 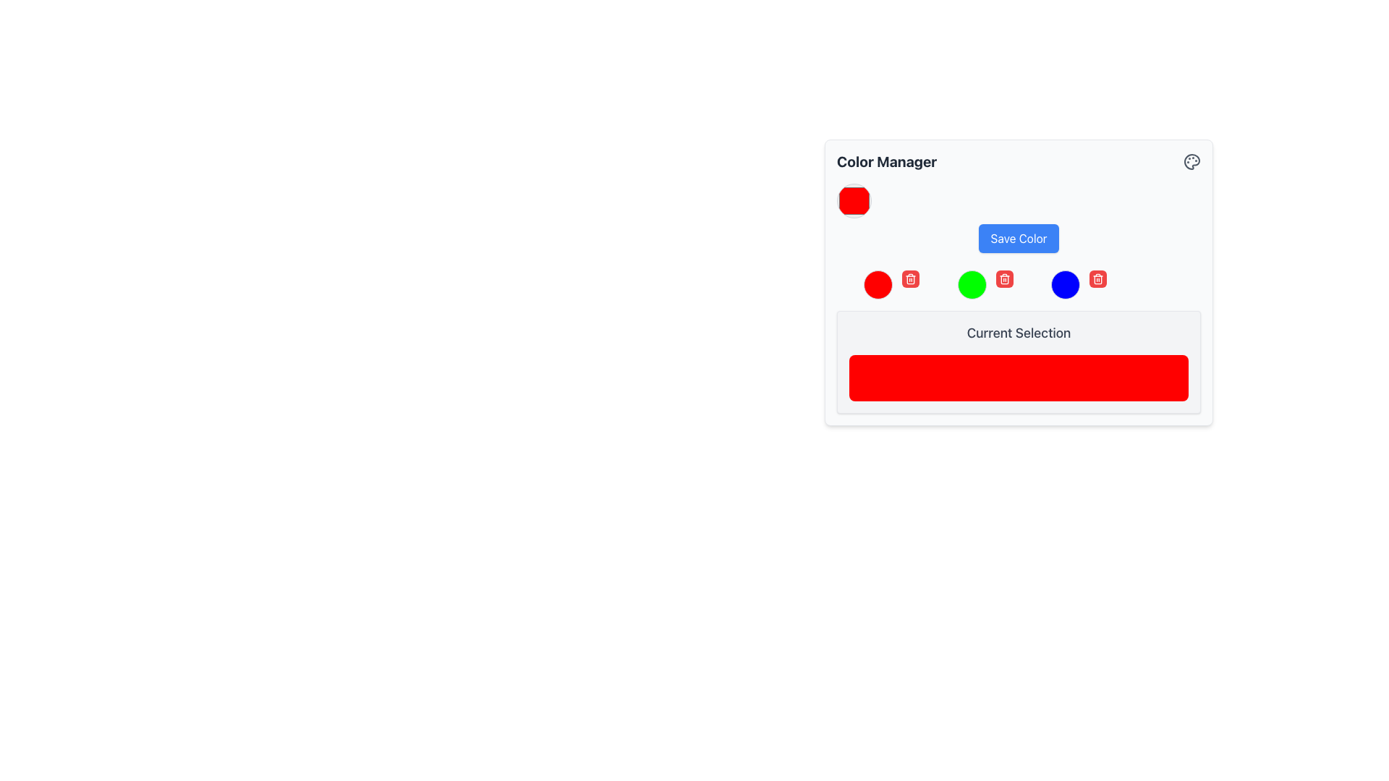 I want to click on the displayed selection on the Display Panel, which highlights the currently selected color, located at the bottom of the 'Color Manager' section, so click(x=1018, y=362).